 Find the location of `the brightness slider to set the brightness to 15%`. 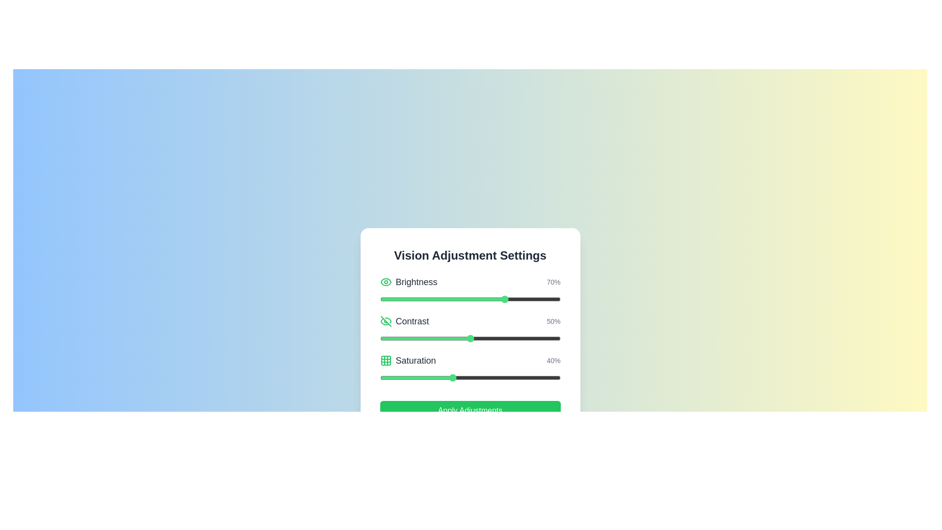

the brightness slider to set the brightness to 15% is located at coordinates (407, 298).